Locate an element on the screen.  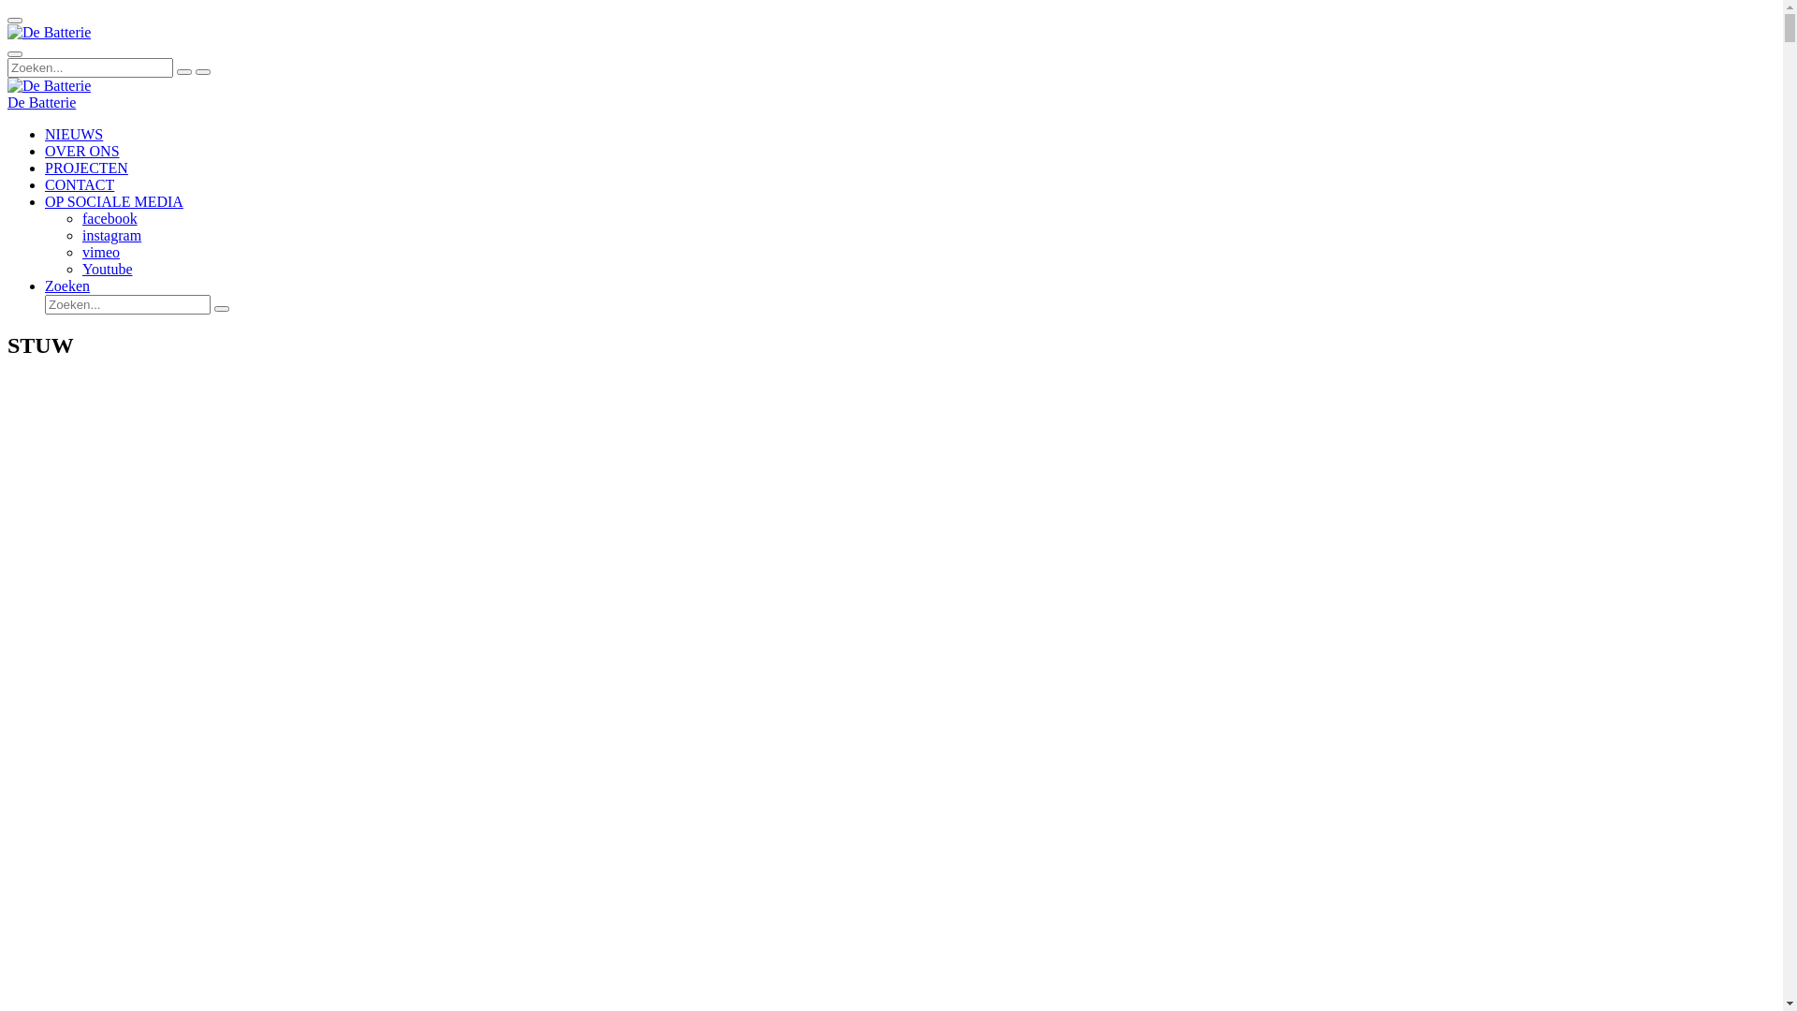
'CONTACT' is located at coordinates (79, 184).